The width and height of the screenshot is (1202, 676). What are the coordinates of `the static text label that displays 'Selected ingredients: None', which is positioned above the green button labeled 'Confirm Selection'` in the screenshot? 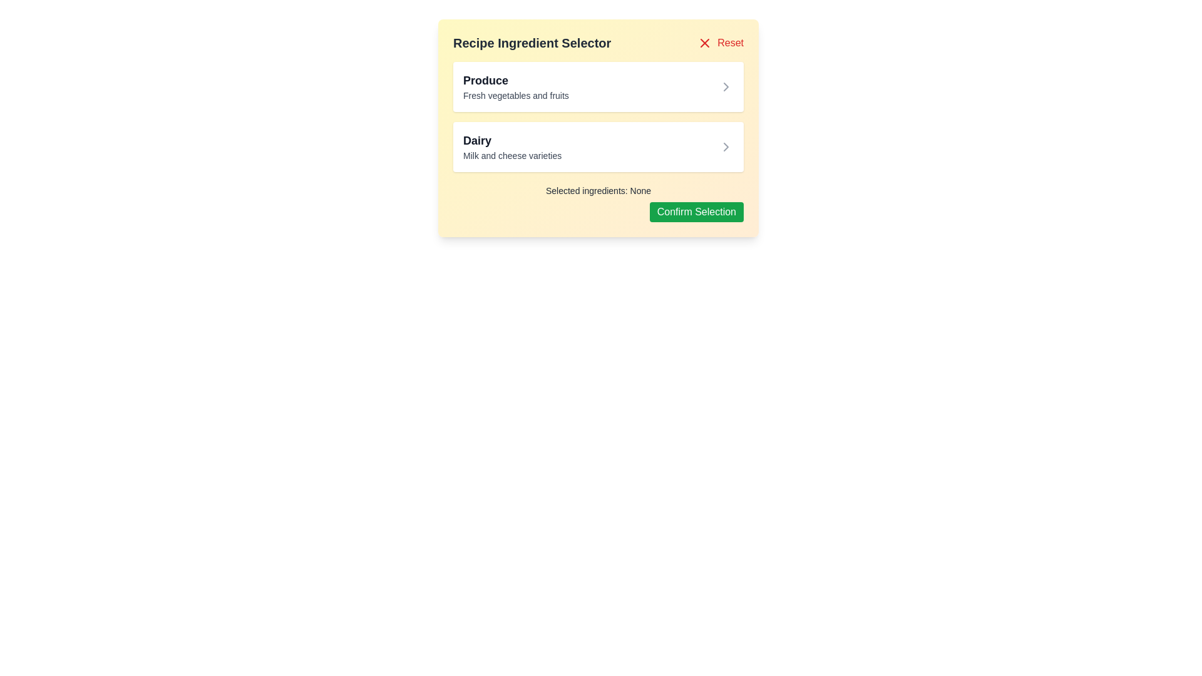 It's located at (597, 190).